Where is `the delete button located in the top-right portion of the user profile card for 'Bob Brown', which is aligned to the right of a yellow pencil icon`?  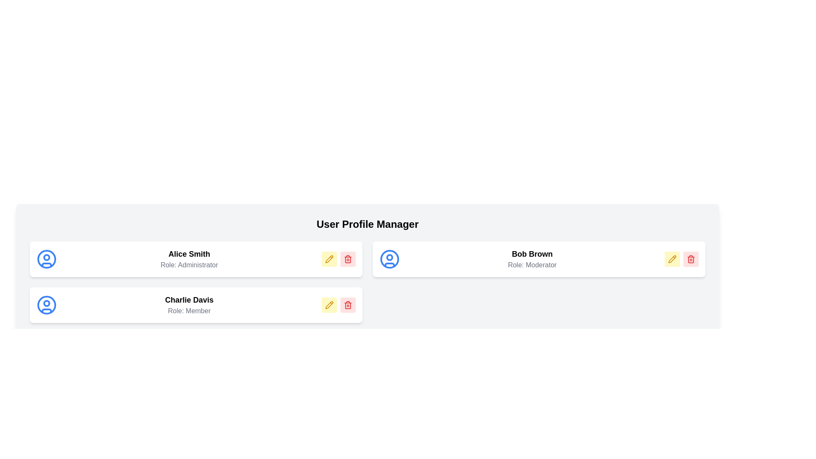 the delete button located in the top-right portion of the user profile card for 'Bob Brown', which is aligned to the right of a yellow pencil icon is located at coordinates (691, 258).